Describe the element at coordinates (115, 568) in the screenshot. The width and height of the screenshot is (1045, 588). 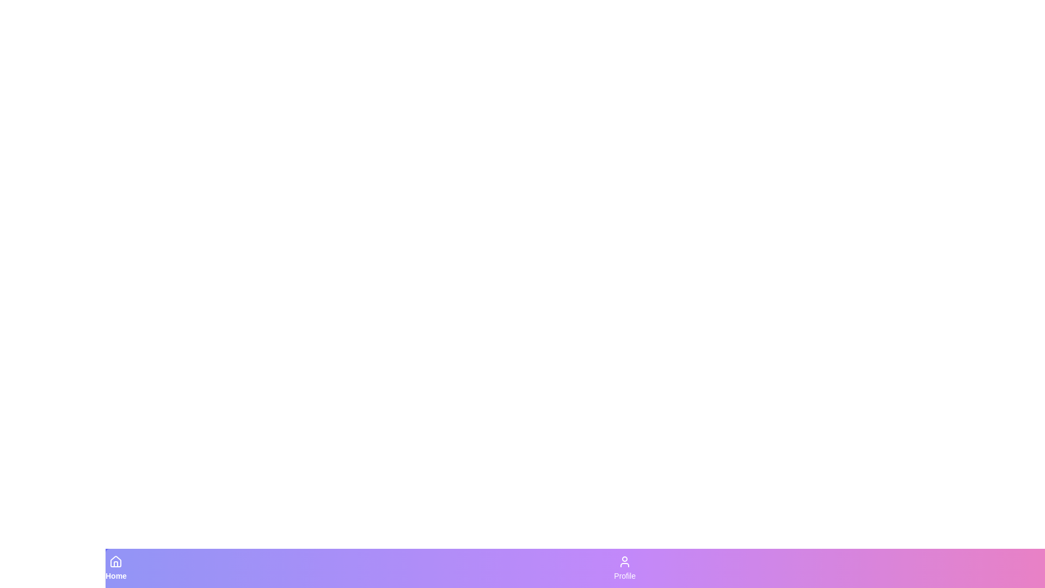
I see `the navigation item Home` at that location.